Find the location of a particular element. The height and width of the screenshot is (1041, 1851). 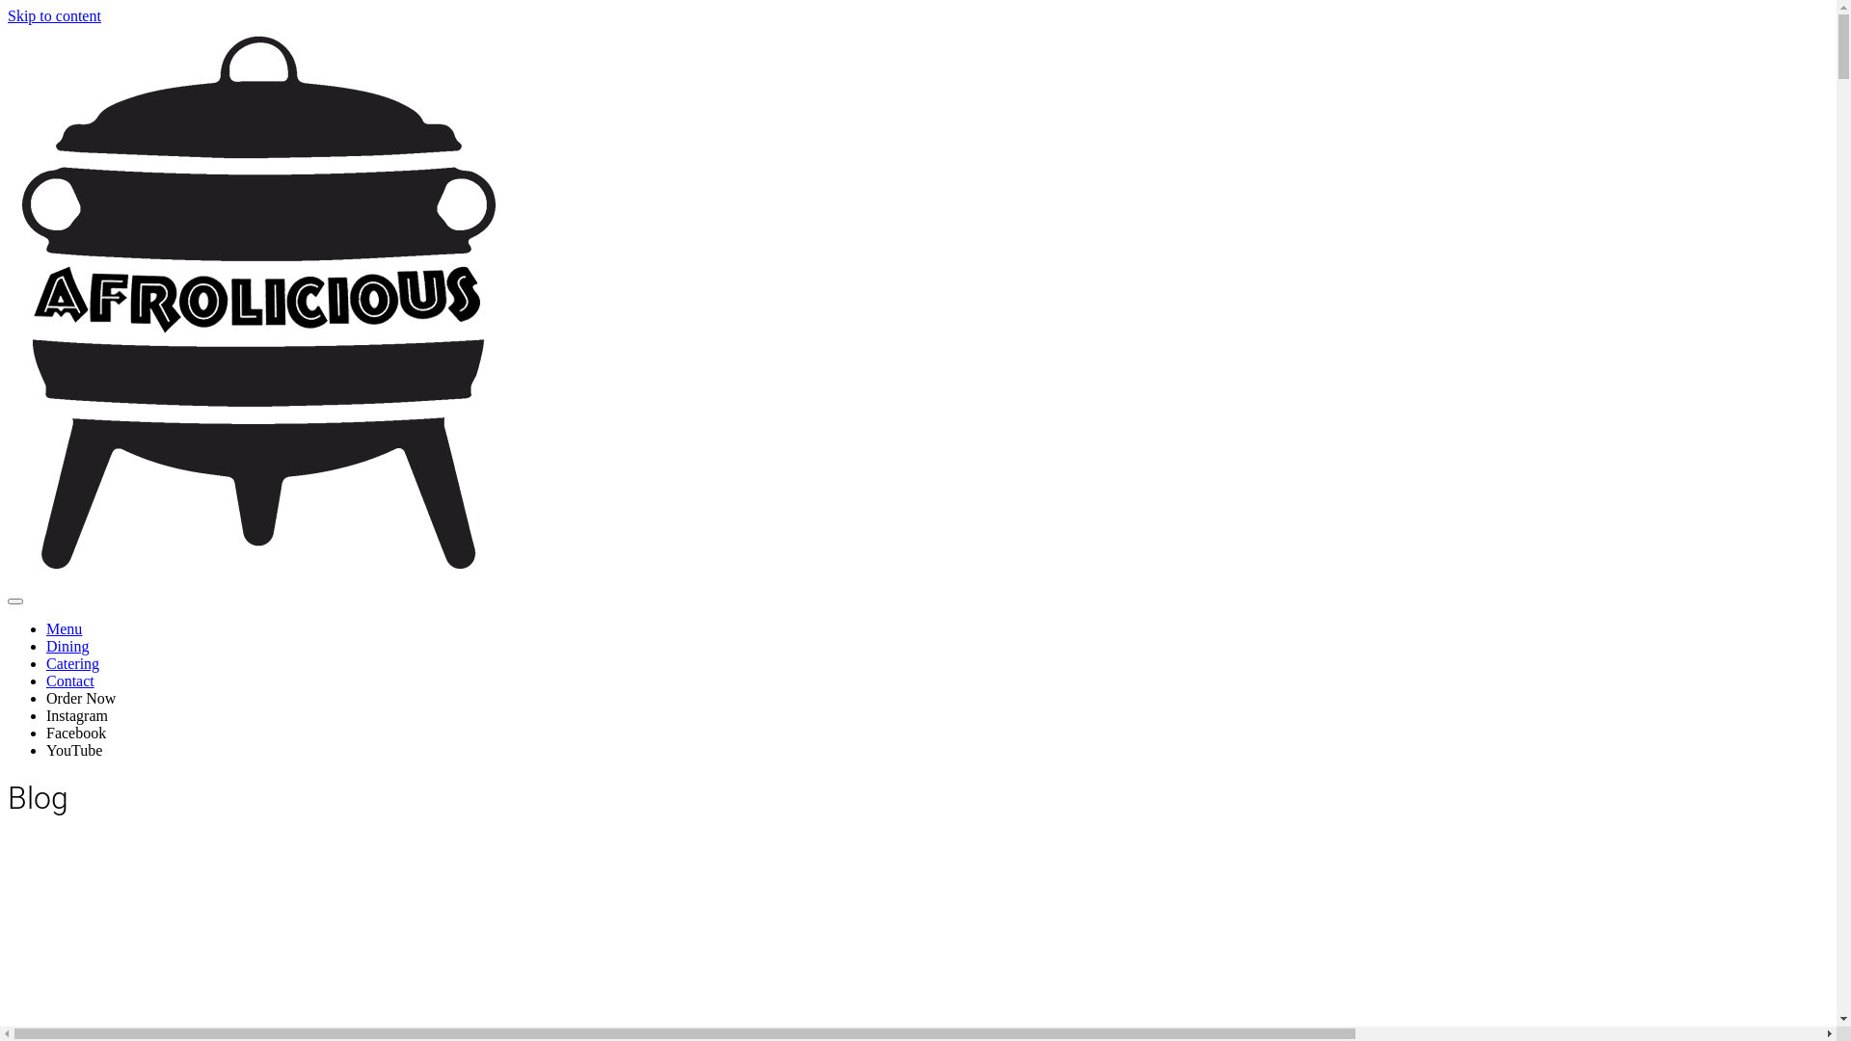

'Contact' is located at coordinates (69, 680).